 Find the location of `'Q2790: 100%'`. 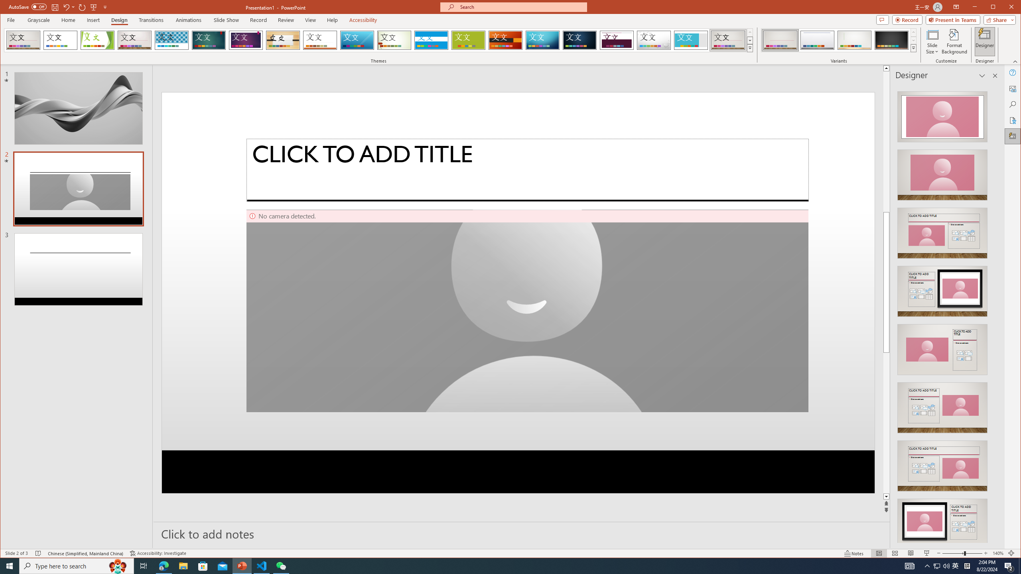

'Q2790: 100%' is located at coordinates (946, 565).